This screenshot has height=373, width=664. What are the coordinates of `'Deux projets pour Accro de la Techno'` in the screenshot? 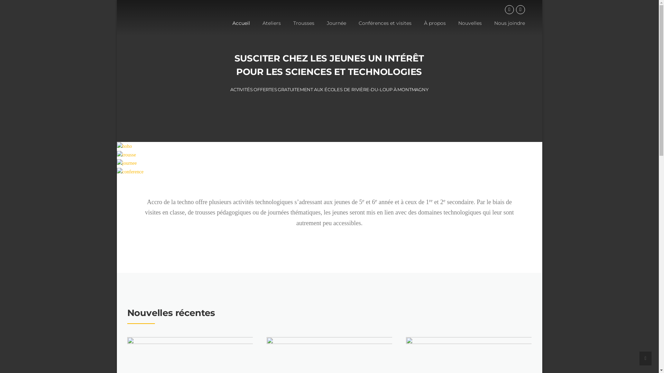 It's located at (329, 367).